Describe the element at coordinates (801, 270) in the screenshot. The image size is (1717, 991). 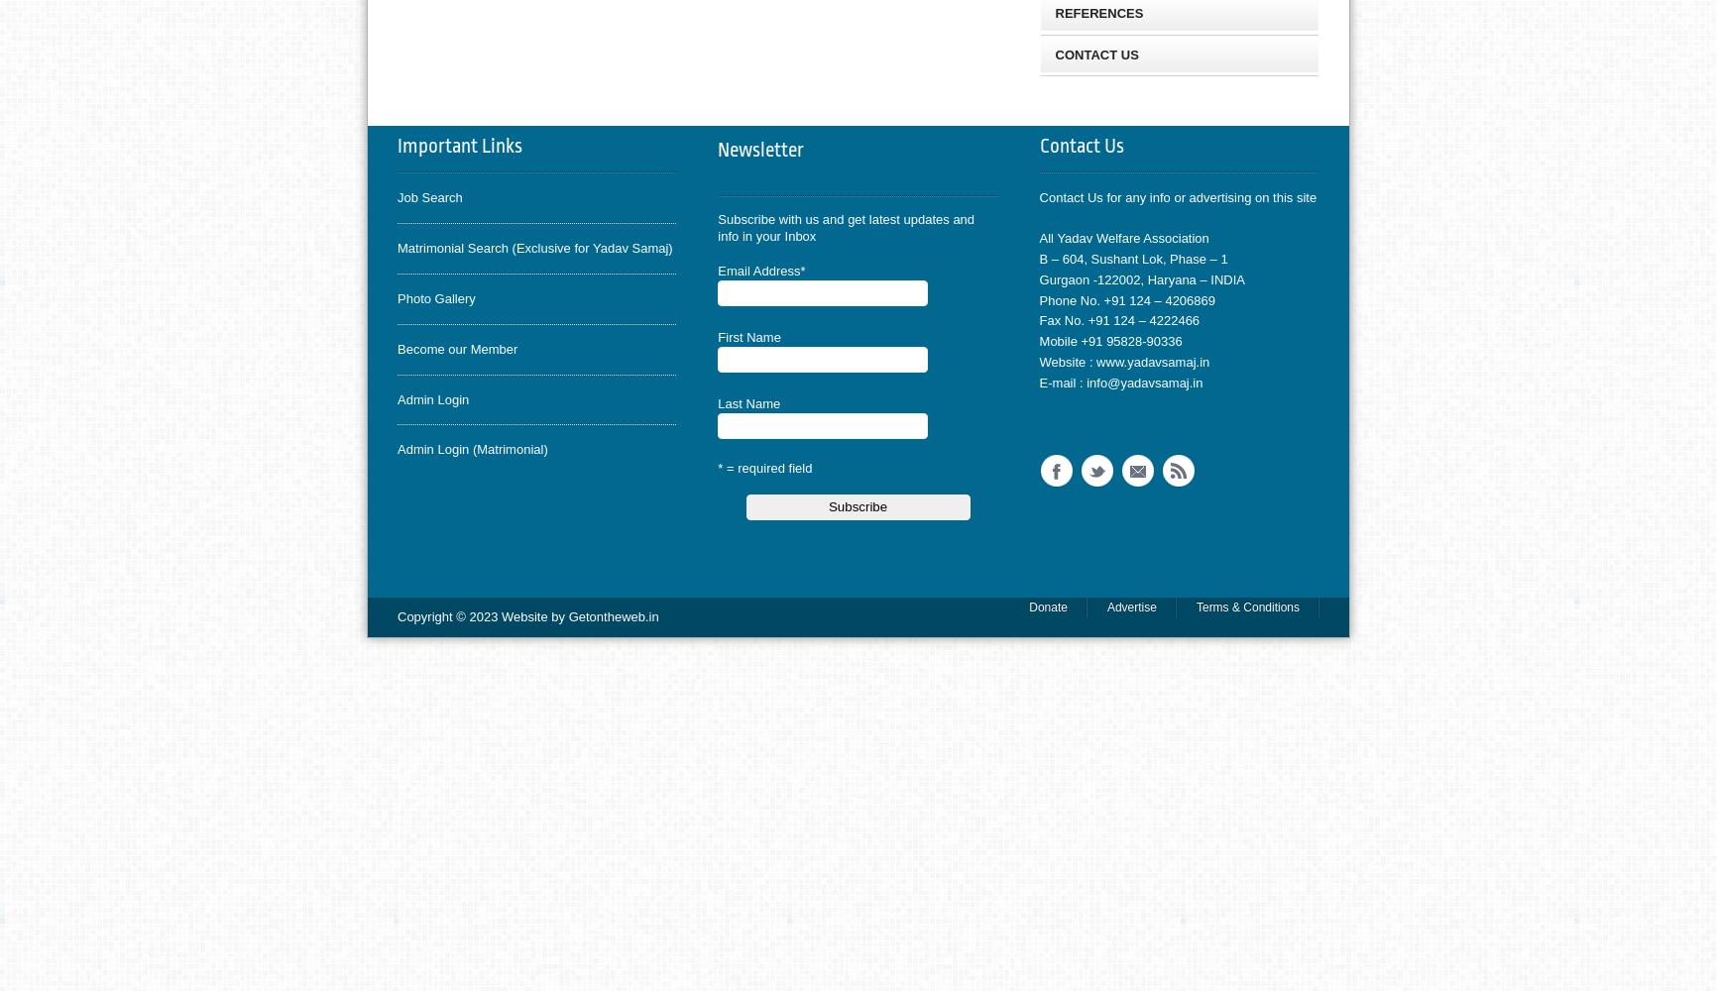
I see `'*'` at that location.